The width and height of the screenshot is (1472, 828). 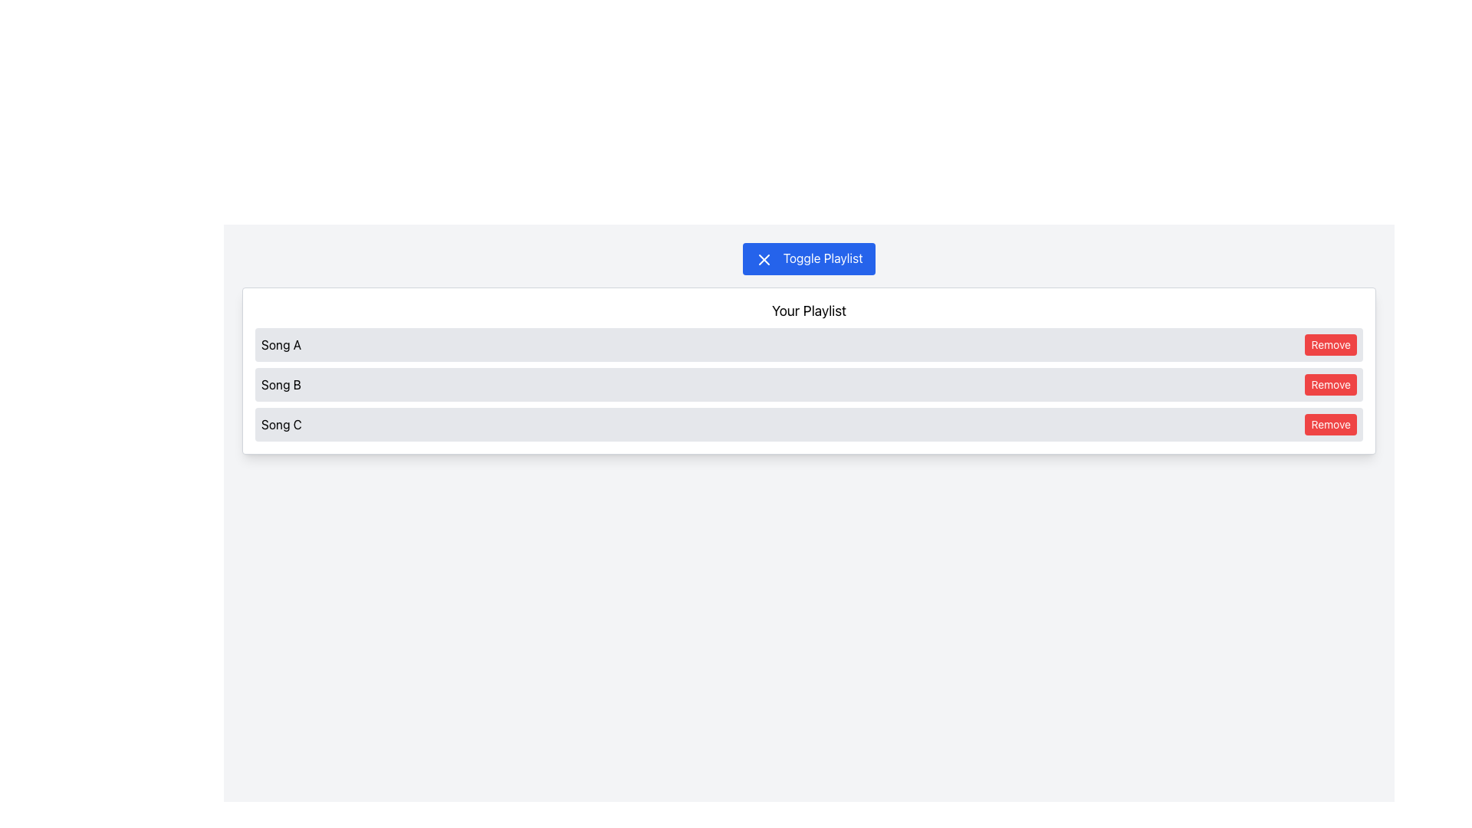 What do you see at coordinates (281, 424) in the screenshot?
I see `the static text displaying the title of the song 'Song C' in the playlist interface` at bounding box center [281, 424].